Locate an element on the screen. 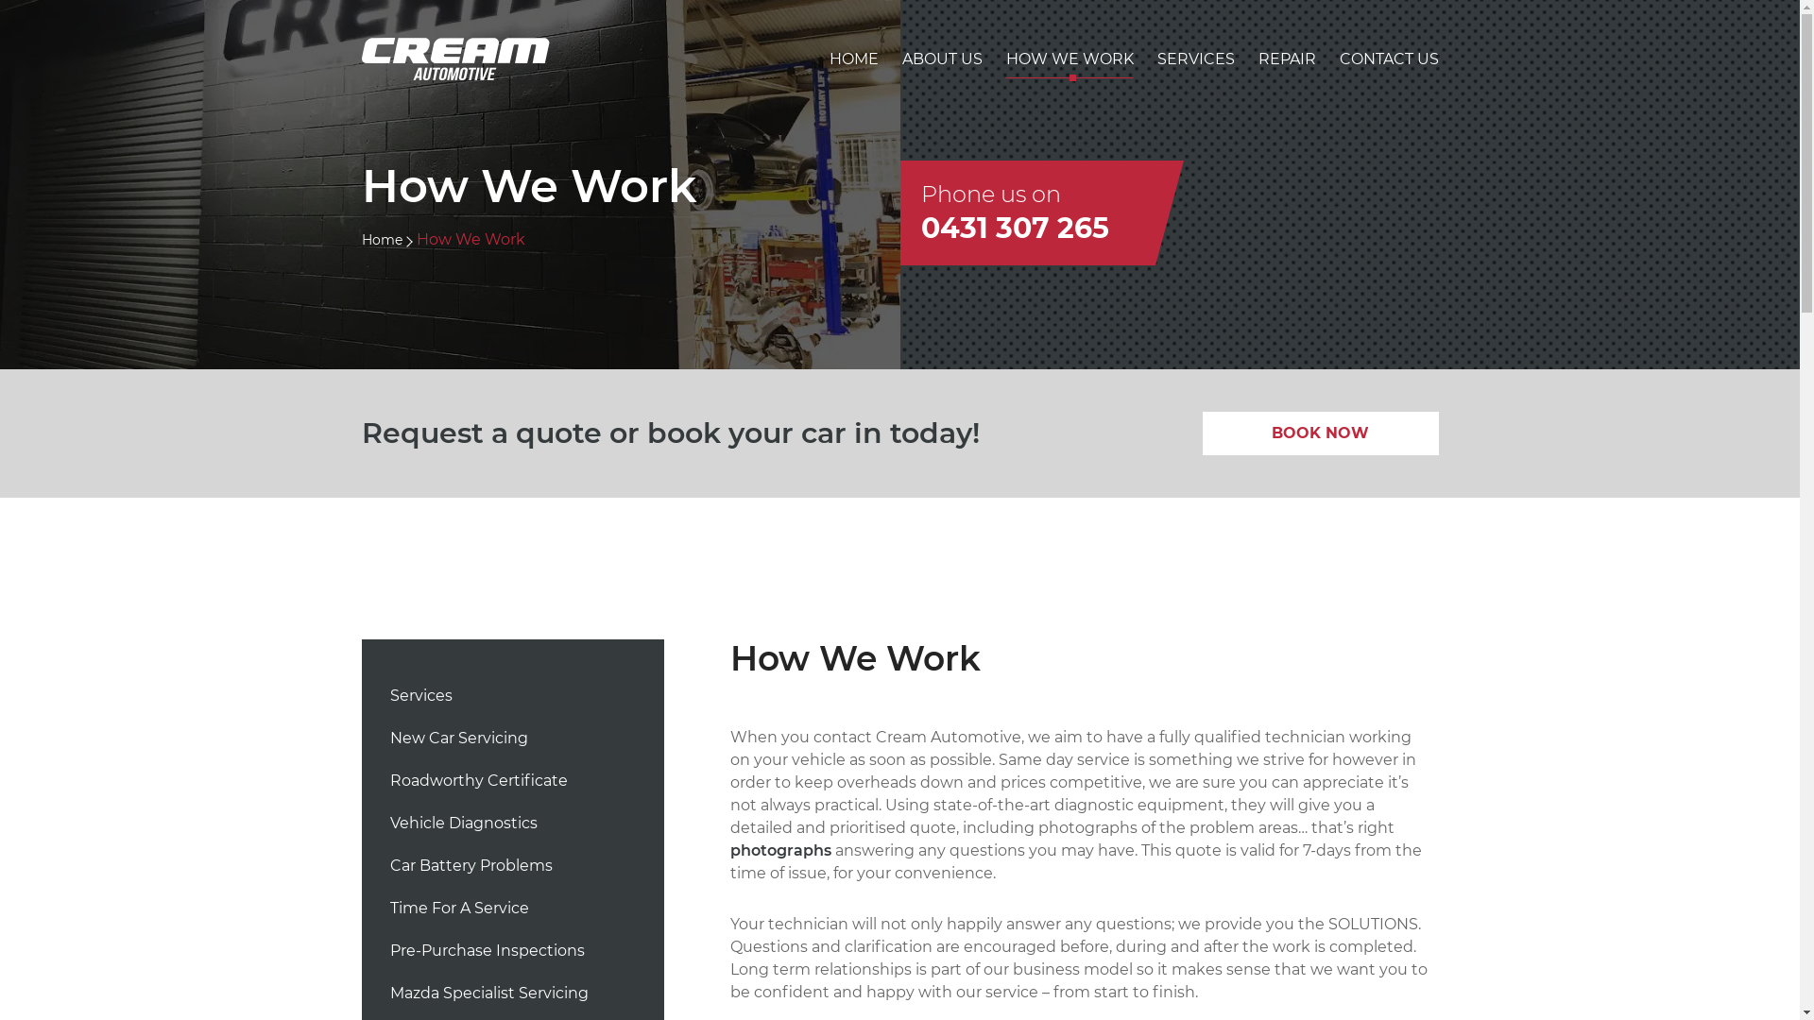  'New Car Servicing' is located at coordinates (388, 744).